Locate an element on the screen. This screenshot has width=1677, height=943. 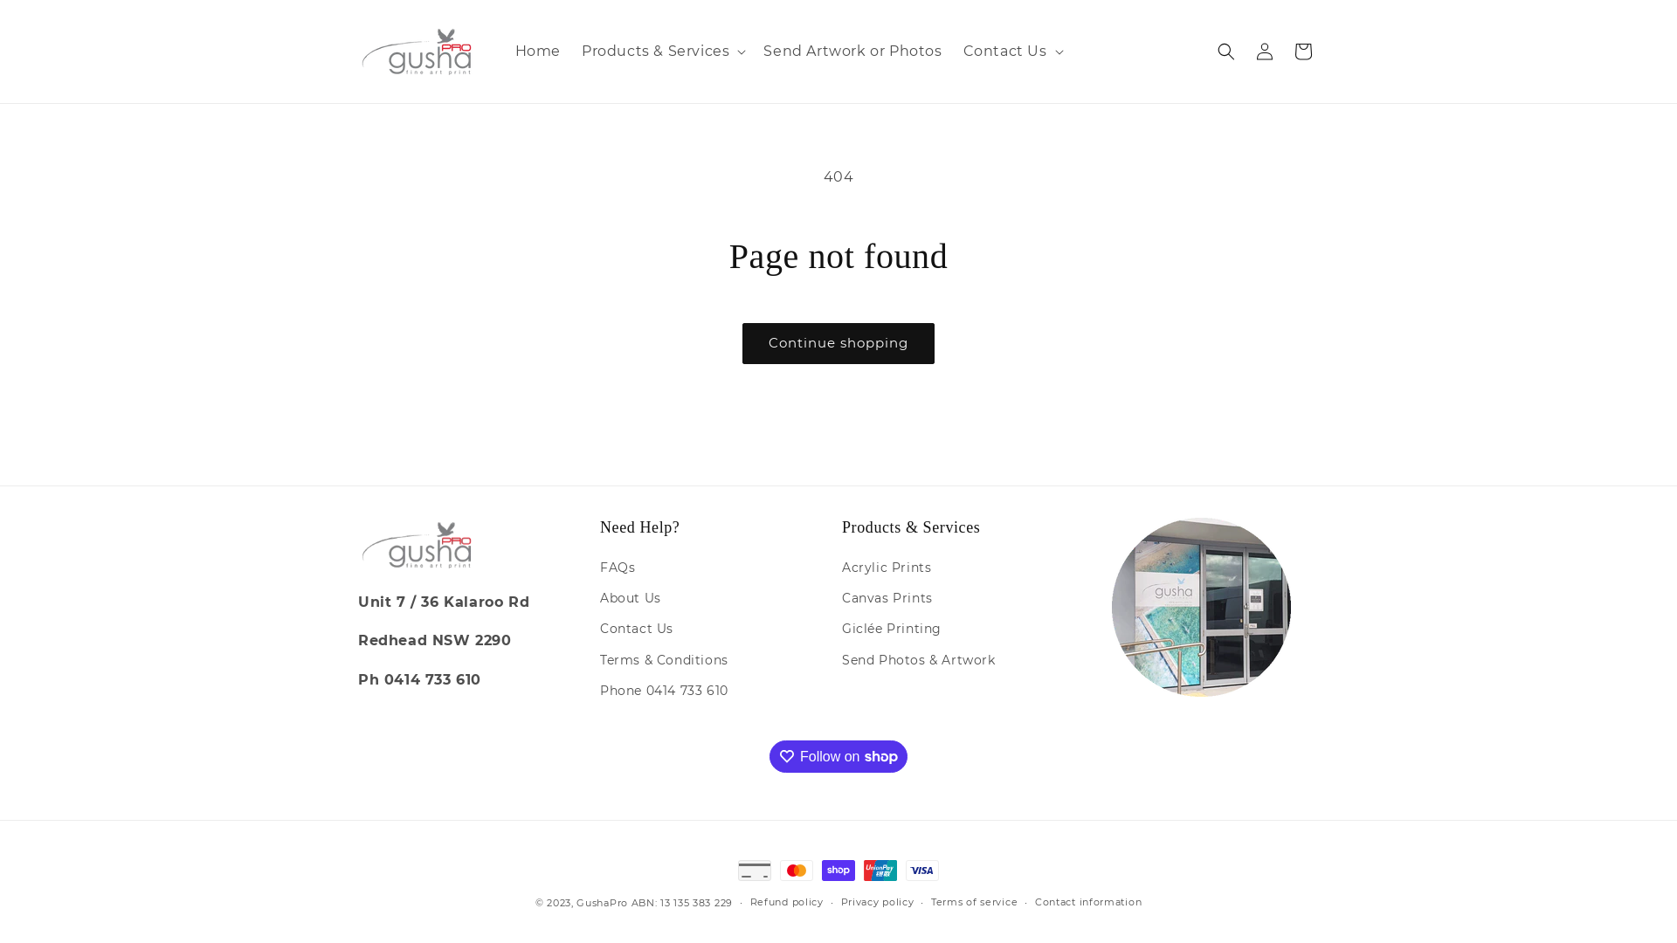
'Contact Us' is located at coordinates (636, 629).